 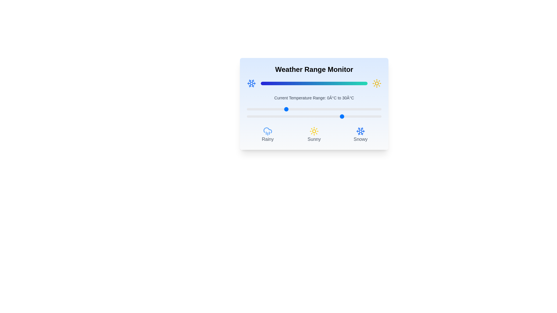 What do you see at coordinates (359, 133) in the screenshot?
I see `the lower-right part of the snowflake icon, which is colored in blue and is part of the 'Snowy' section in the weather interface` at bounding box center [359, 133].